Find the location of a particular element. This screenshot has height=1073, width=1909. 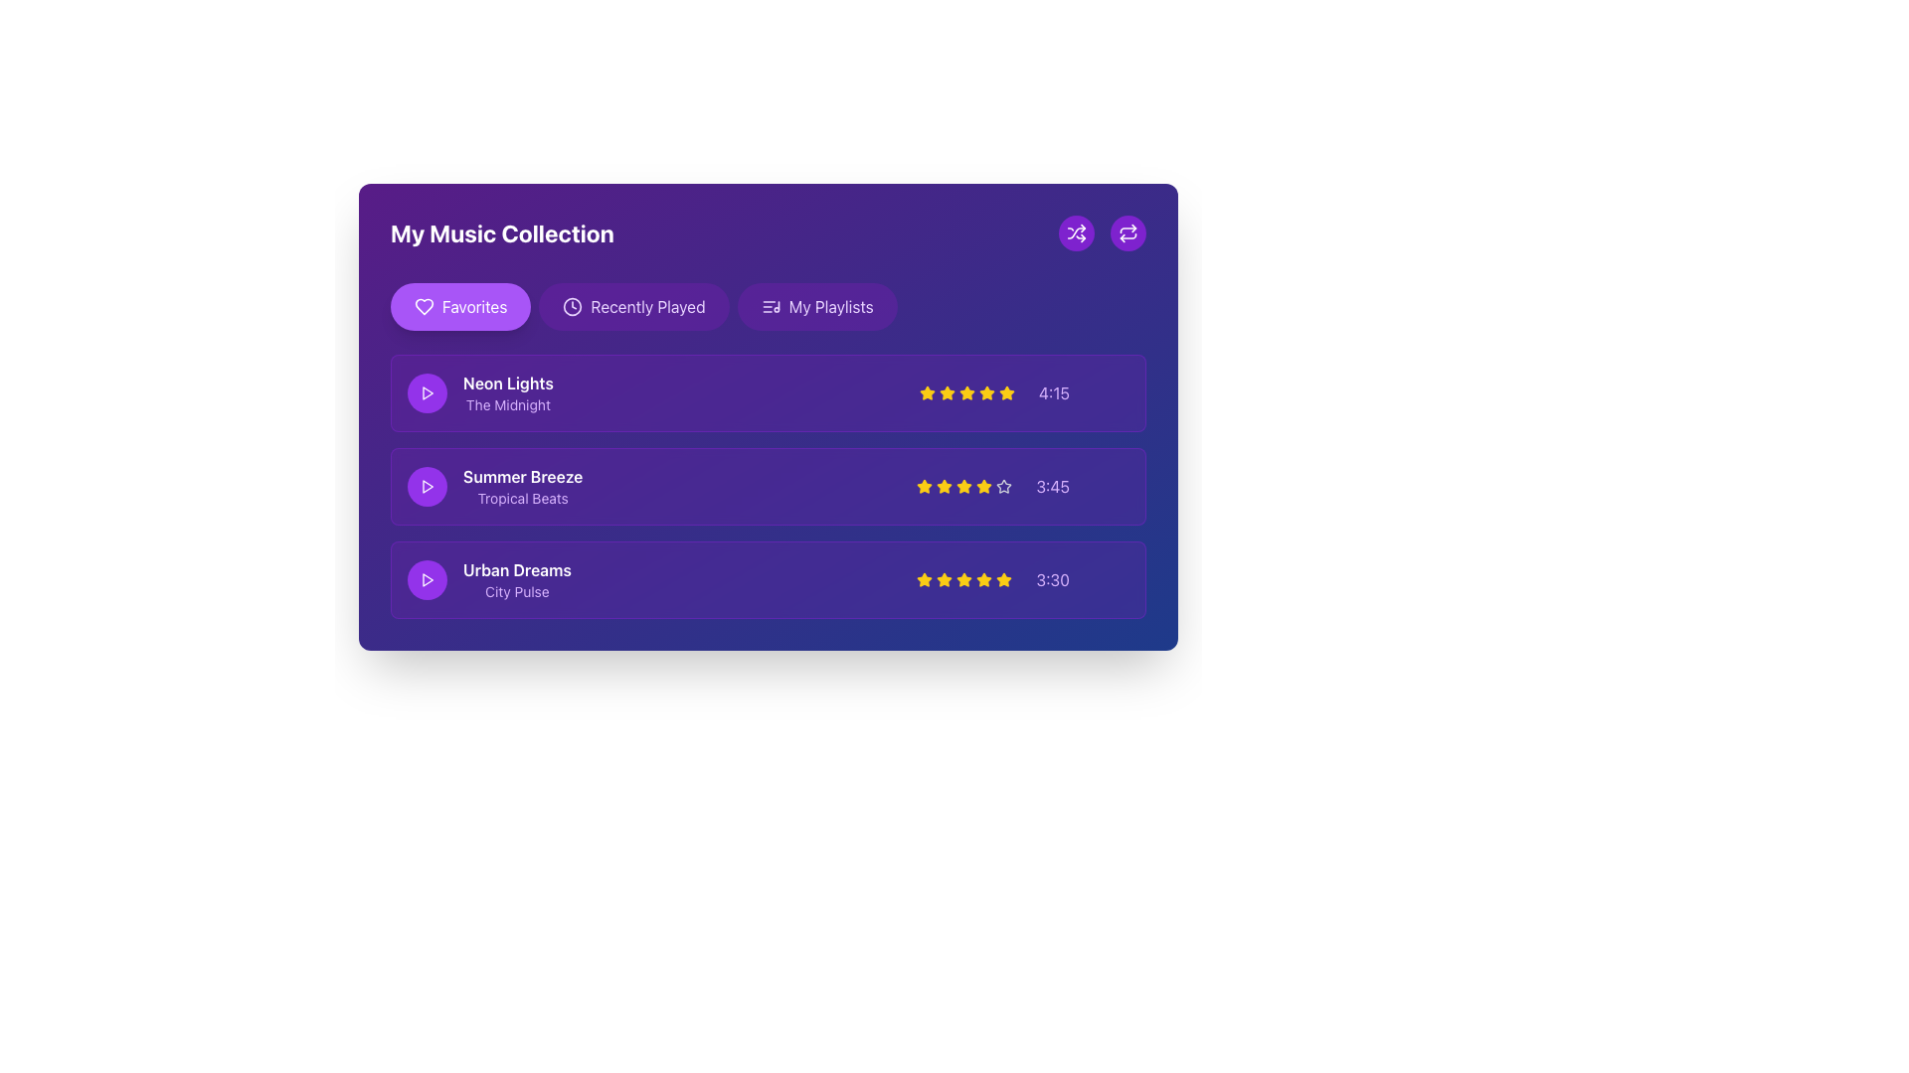

the appearance of the fifth star-shaped icon, which is yellow filled and outlined, located in the rating interface for the 'Urban Dreams' song entry is located at coordinates (984, 579).